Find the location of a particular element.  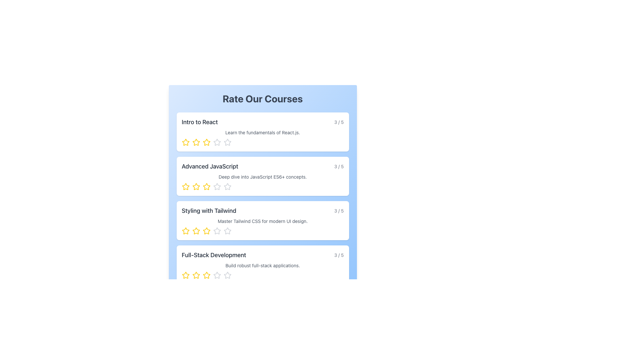

the highlighted yellow star icon, which is the third star in the rating system for the 'Advanced JavaScript' course, to provide a rating is located at coordinates (206, 187).